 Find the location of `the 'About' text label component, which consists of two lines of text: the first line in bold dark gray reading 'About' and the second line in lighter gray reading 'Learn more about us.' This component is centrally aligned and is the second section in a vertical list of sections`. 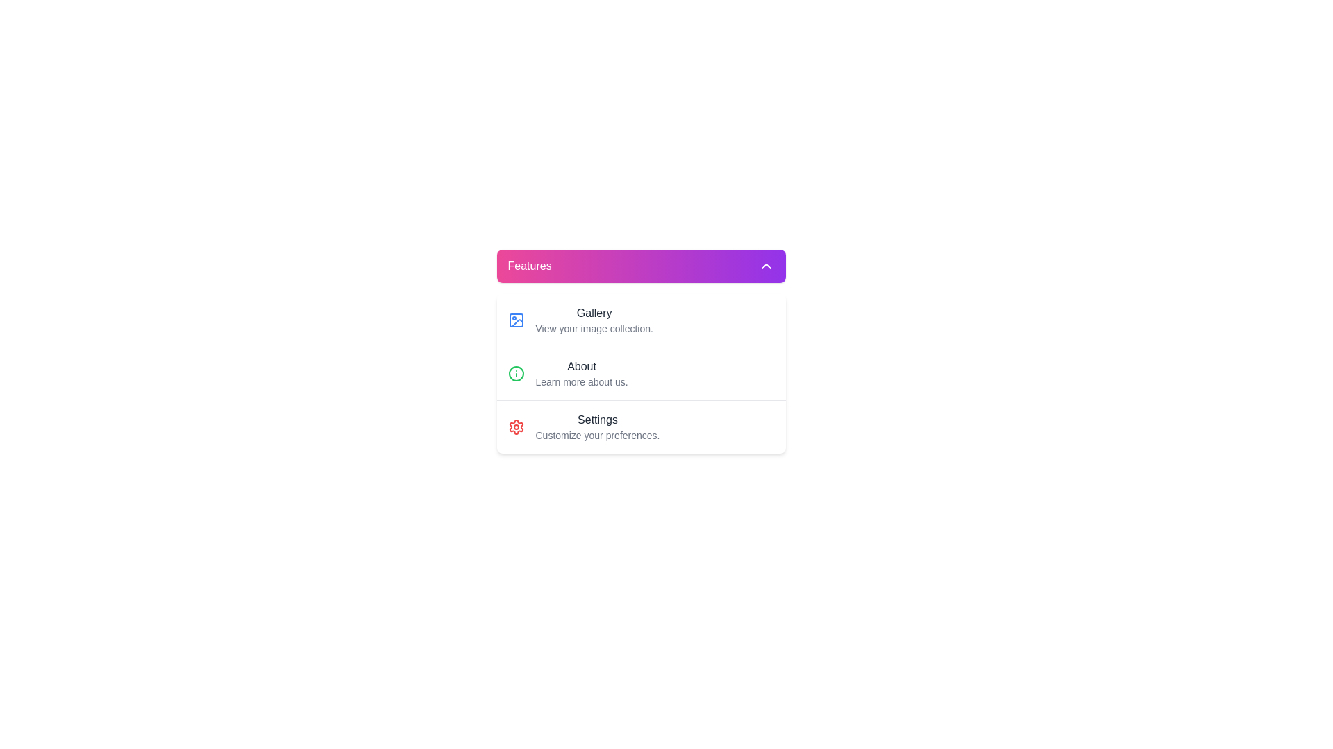

the 'About' text label component, which consists of two lines of text: the first line in bold dark gray reading 'About' and the second line in lighter gray reading 'Learn more about us.' This component is centrally aligned and is the second section in a vertical list of sections is located at coordinates (582, 373).